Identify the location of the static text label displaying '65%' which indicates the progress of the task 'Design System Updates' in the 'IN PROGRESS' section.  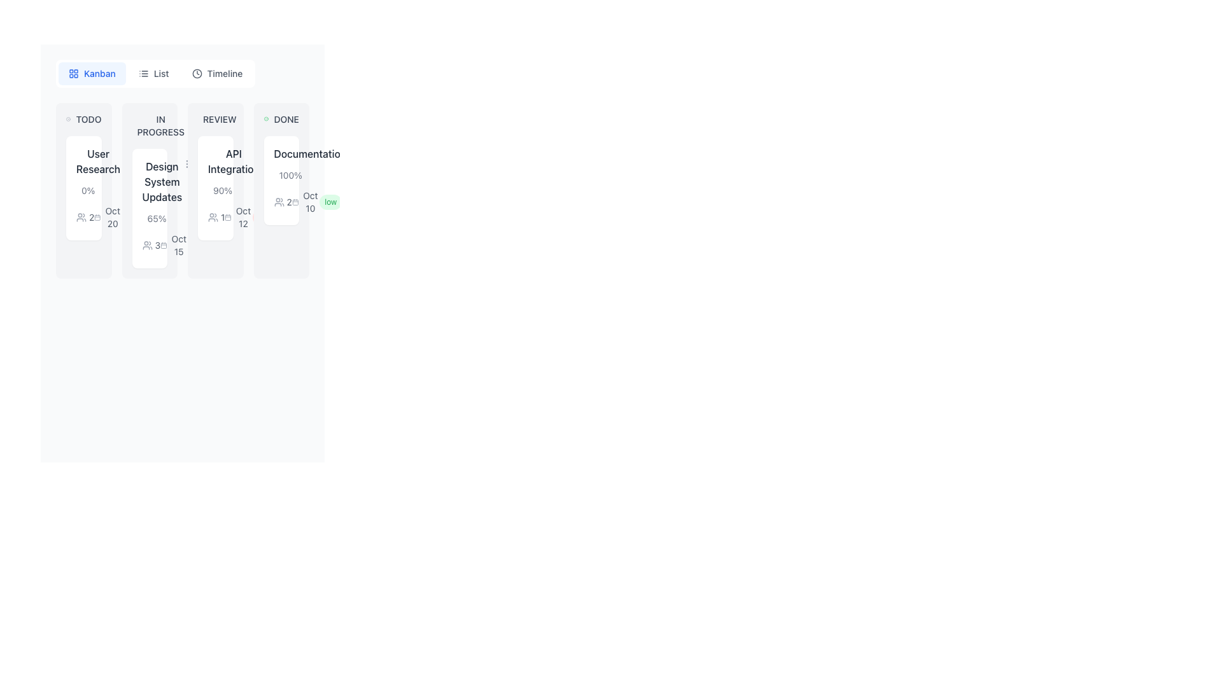
(156, 218).